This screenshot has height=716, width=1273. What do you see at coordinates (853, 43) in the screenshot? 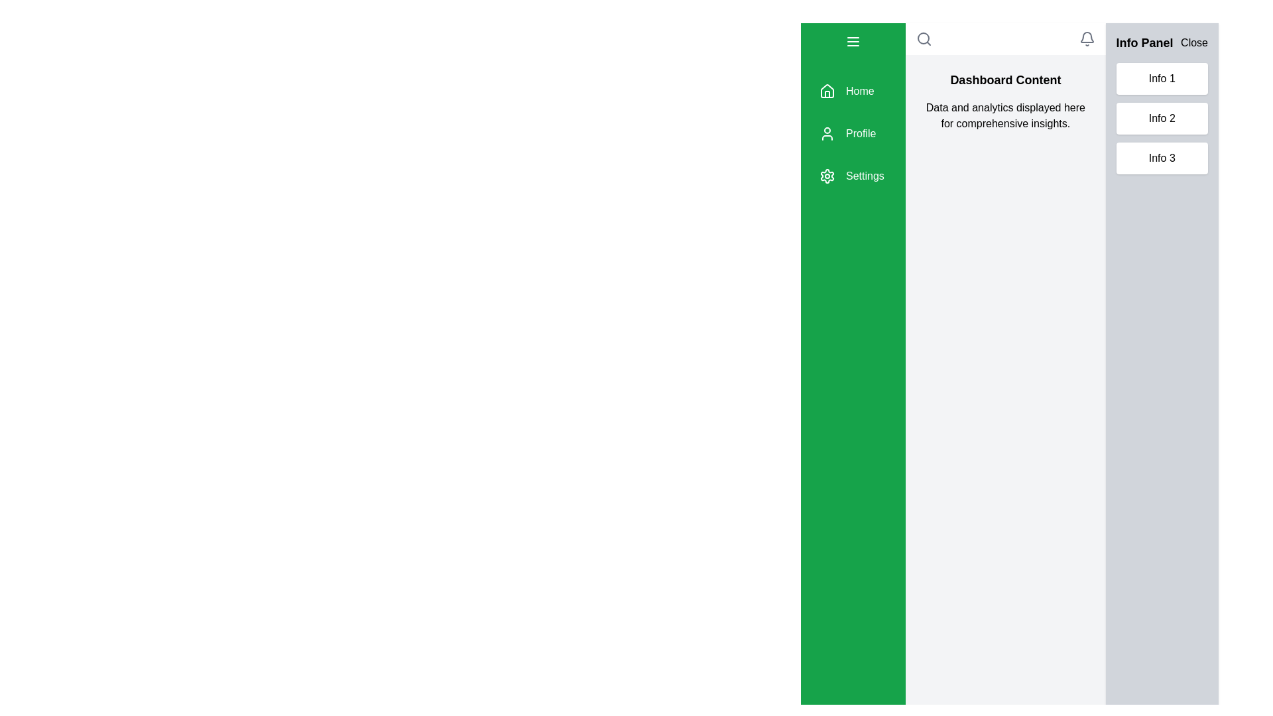
I see `the Icon button located at the top left of the green sidebar` at bounding box center [853, 43].